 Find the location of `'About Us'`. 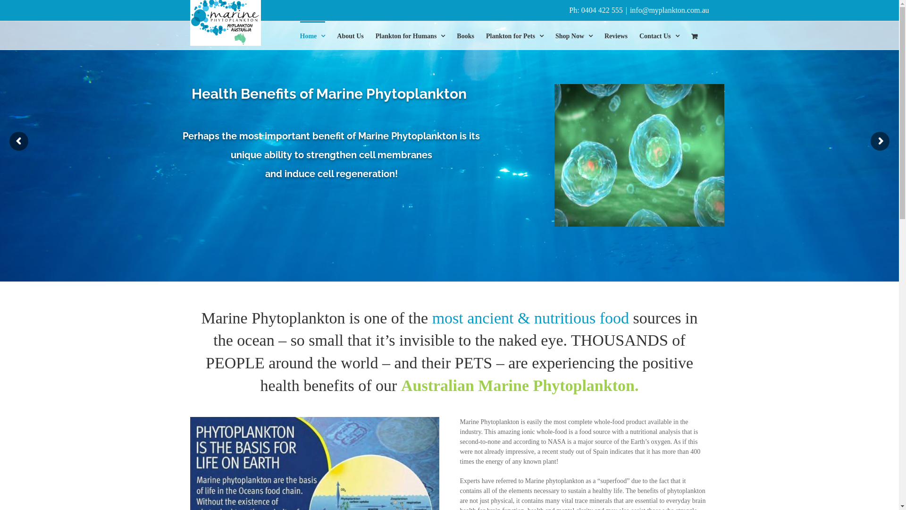

'About Us' is located at coordinates (350, 34).